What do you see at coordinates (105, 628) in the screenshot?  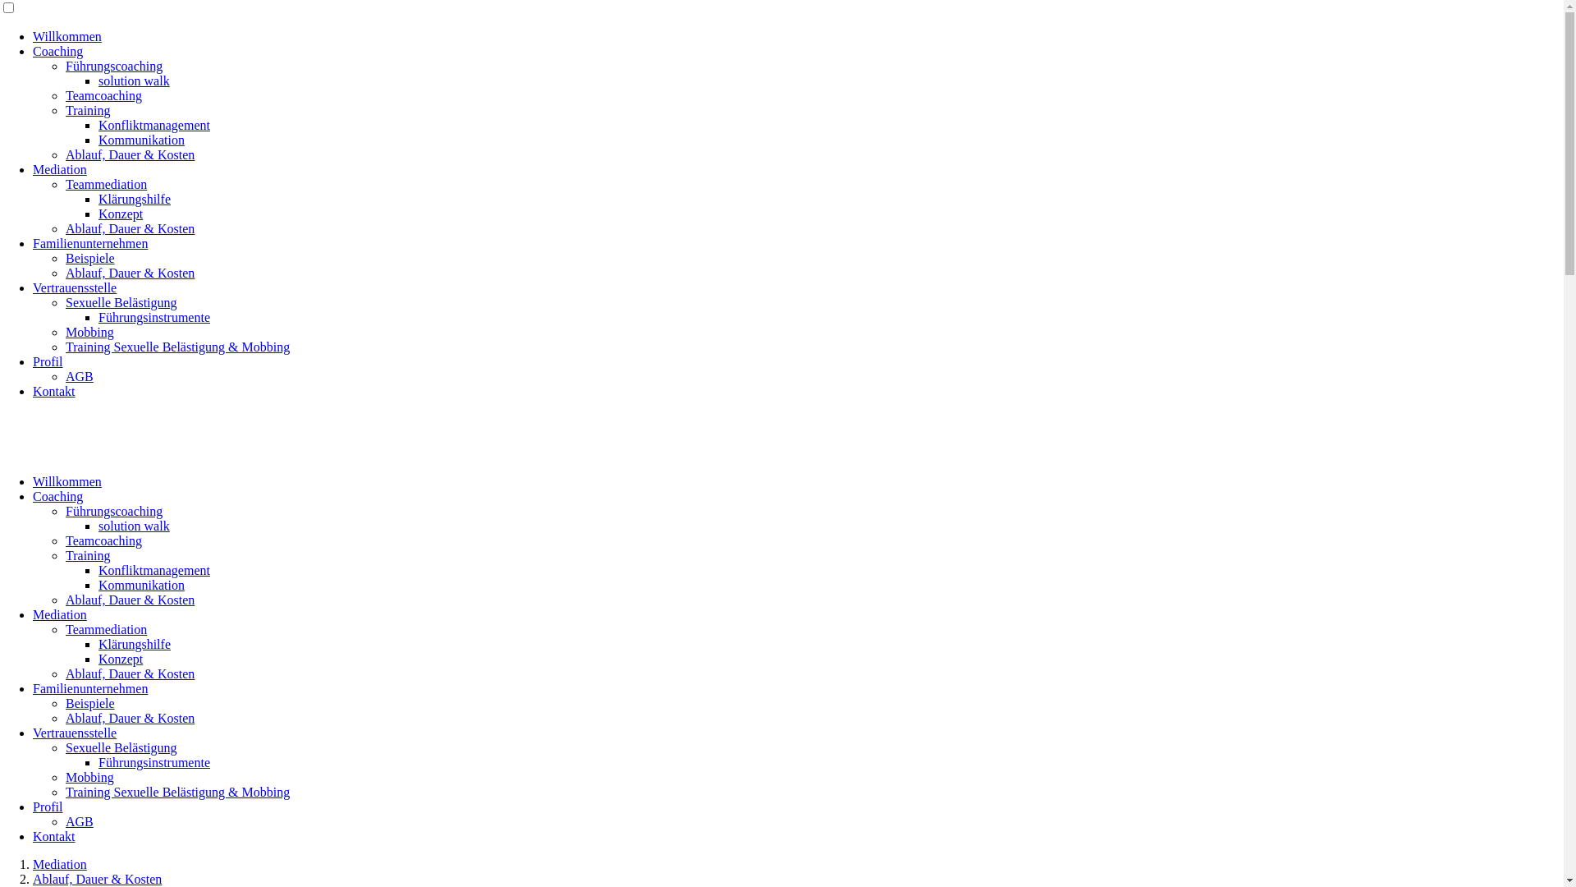 I see `'Teammediation'` at bounding box center [105, 628].